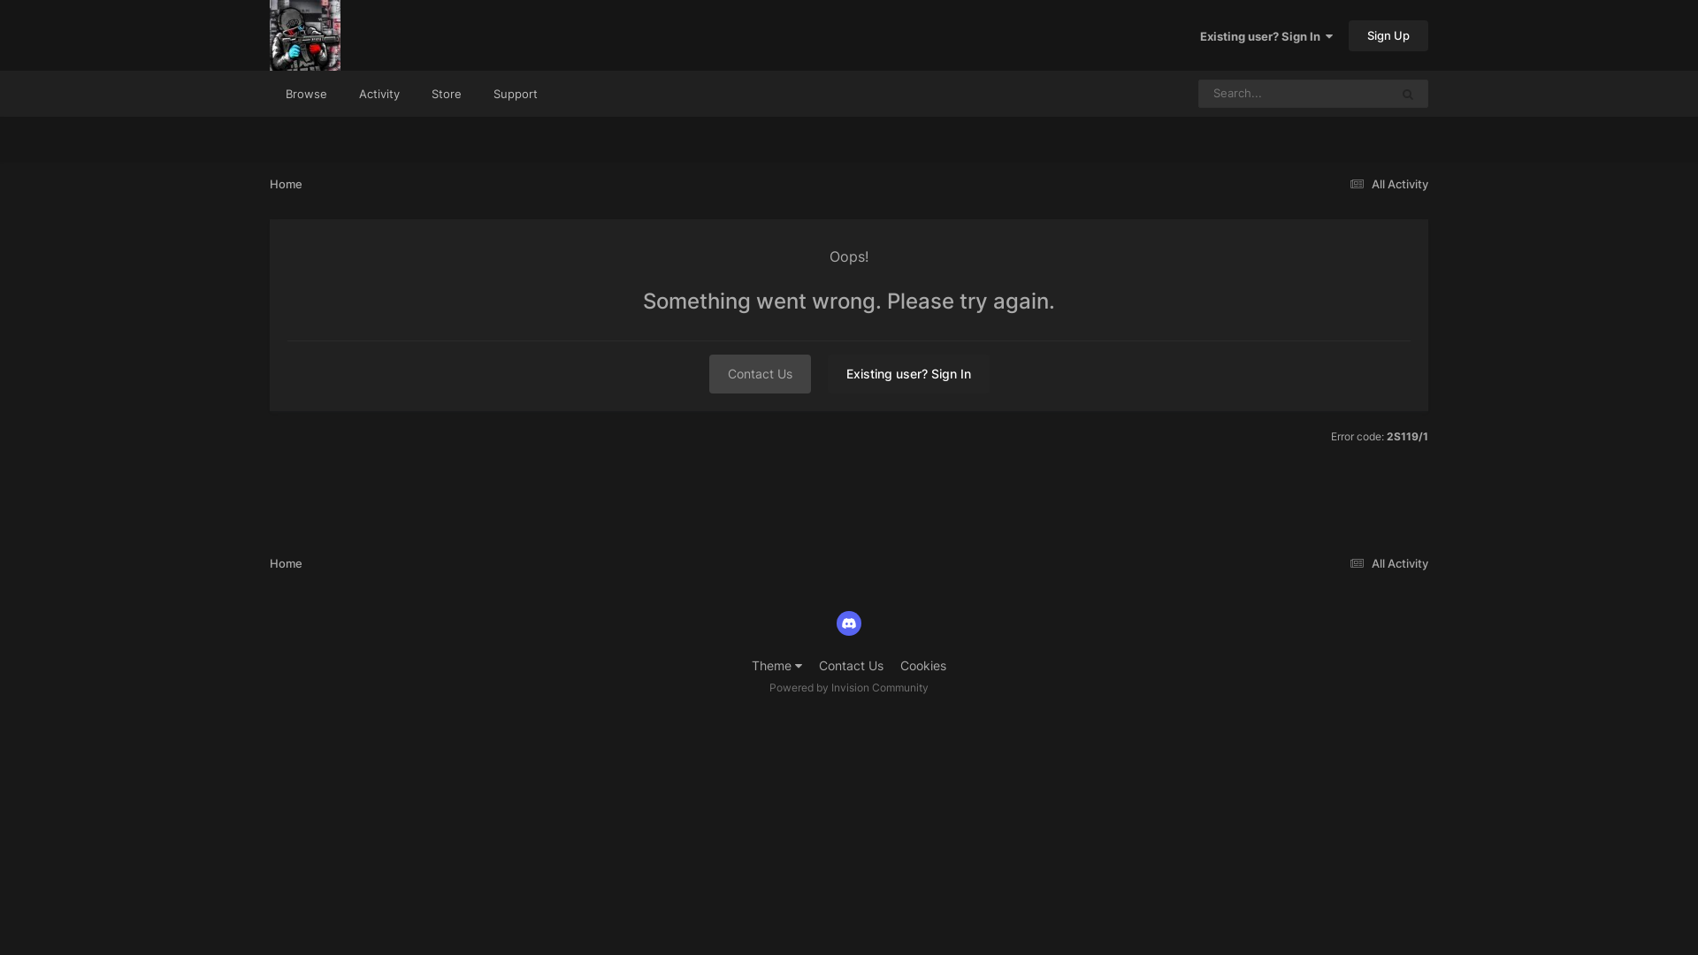 This screenshot has height=955, width=1698. I want to click on 'Existing user? Sign In  ', so click(1265, 36).